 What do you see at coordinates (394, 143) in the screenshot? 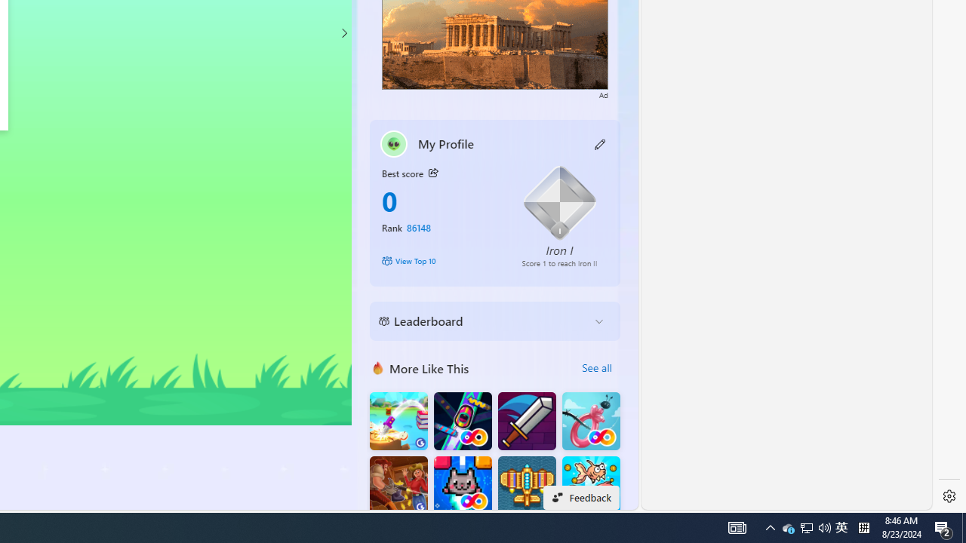
I see `'""'` at bounding box center [394, 143].